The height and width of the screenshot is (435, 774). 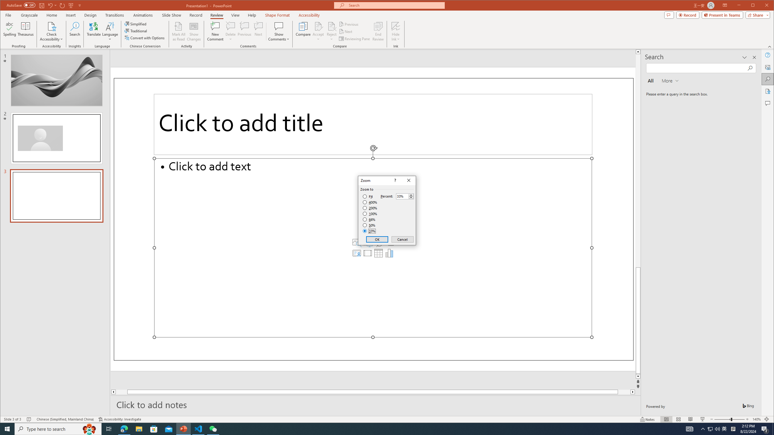 I want to click on 'New Comment', so click(x=215, y=31).